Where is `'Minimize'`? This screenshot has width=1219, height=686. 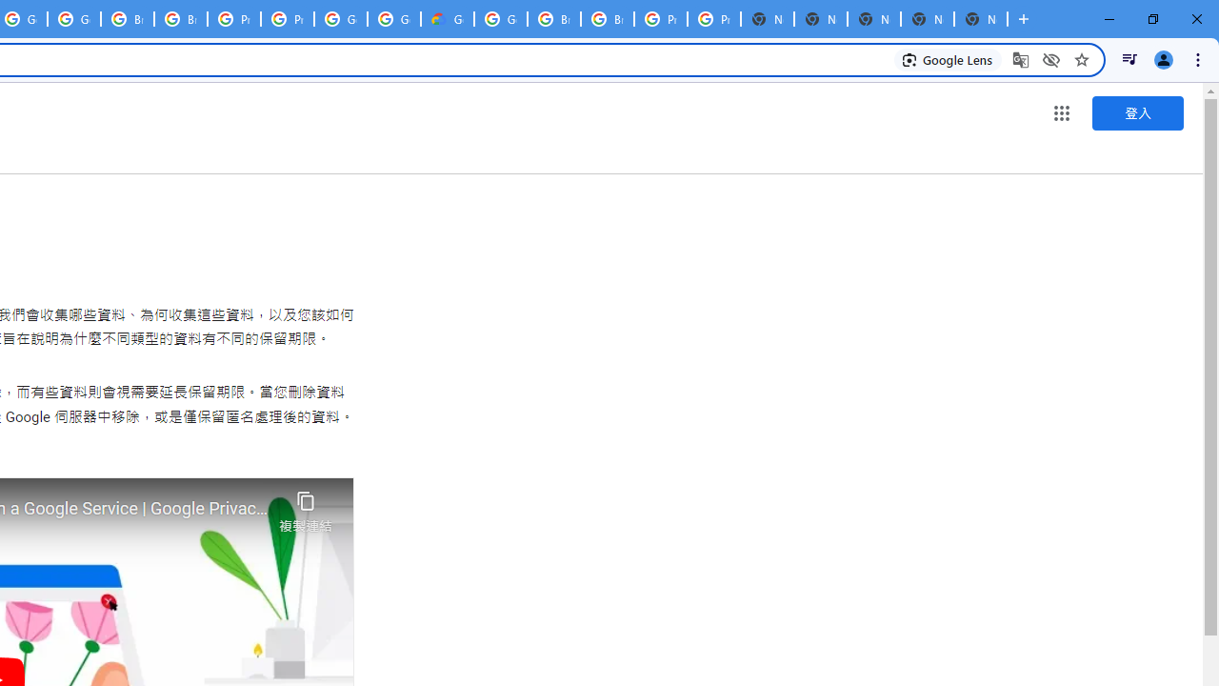
'Minimize' is located at coordinates (1109, 19).